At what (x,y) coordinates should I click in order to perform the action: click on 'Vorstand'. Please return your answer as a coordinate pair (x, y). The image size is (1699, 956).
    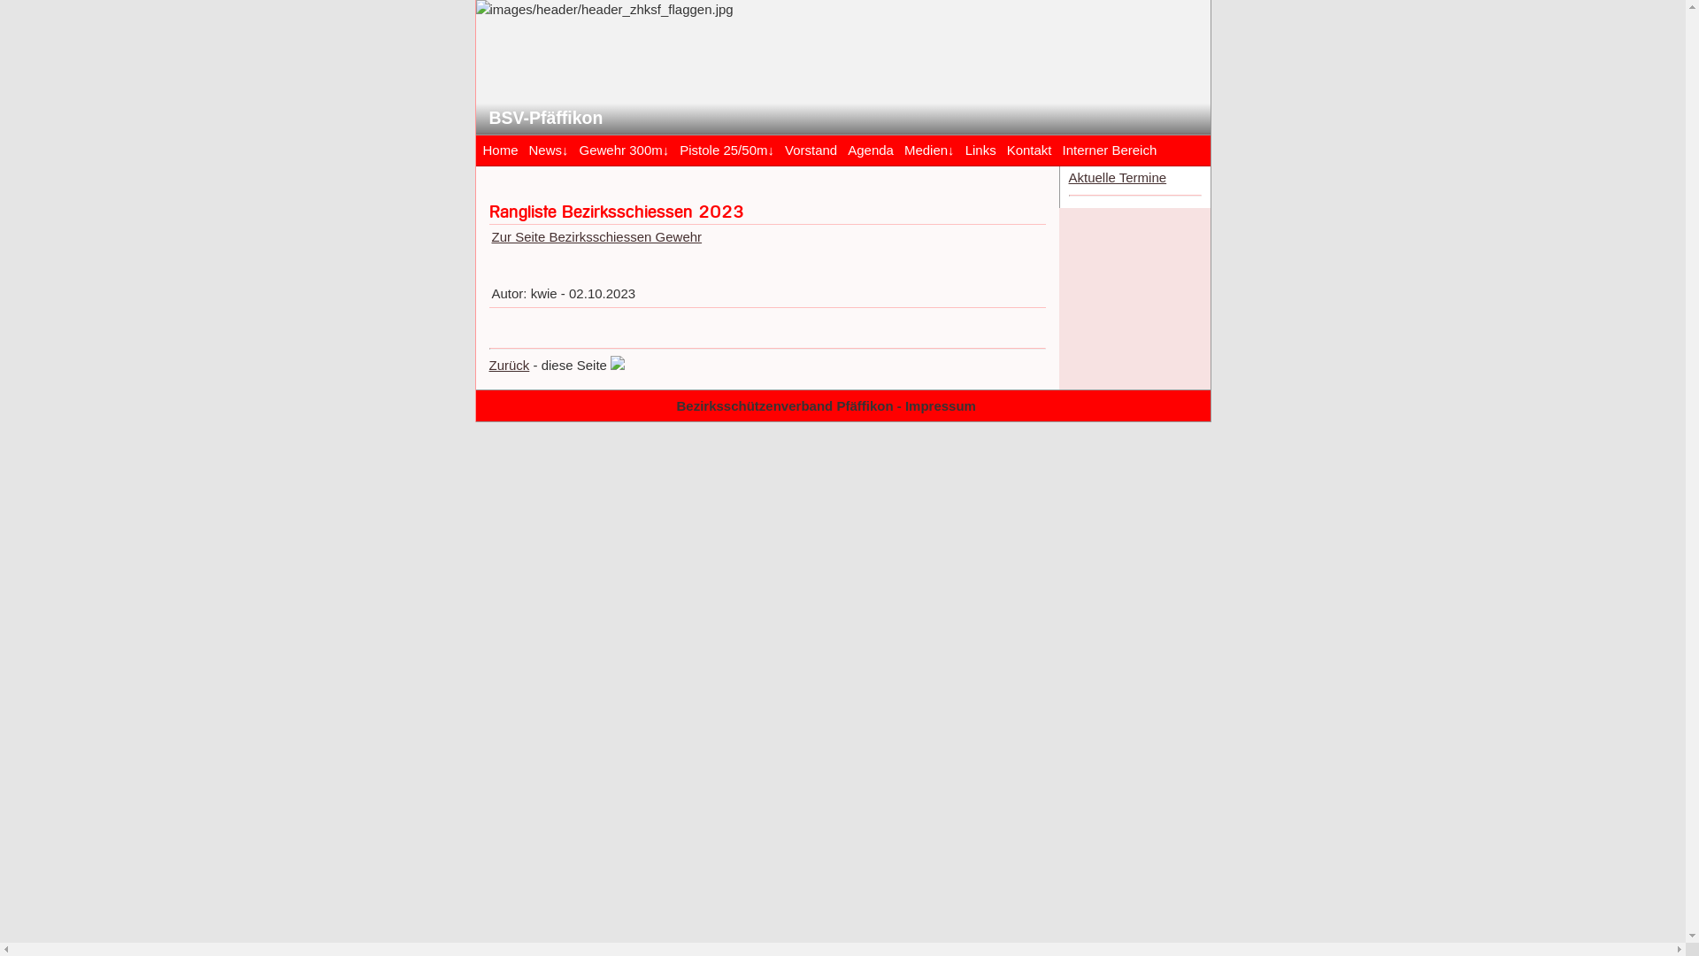
    Looking at the image, I should click on (779, 148).